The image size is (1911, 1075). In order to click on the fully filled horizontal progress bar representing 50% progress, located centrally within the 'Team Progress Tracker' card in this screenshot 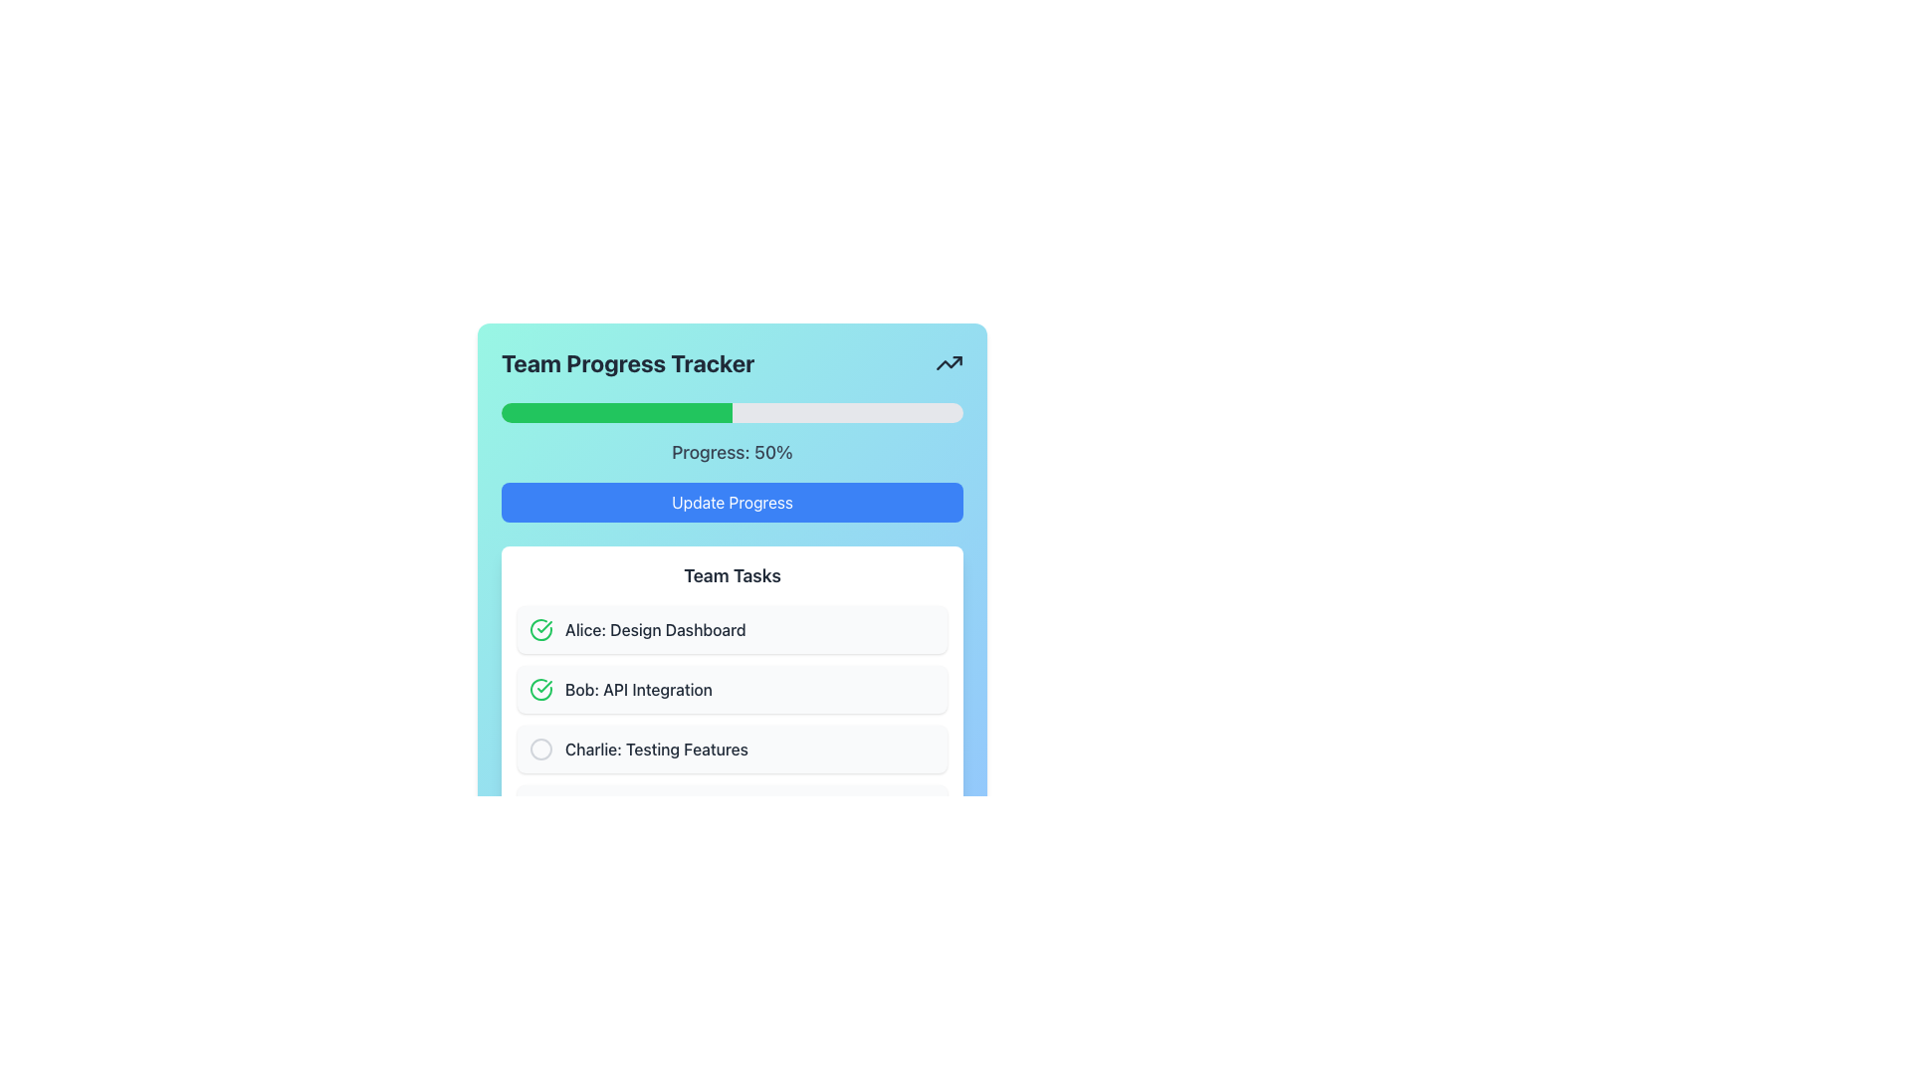, I will do `click(731, 412)`.